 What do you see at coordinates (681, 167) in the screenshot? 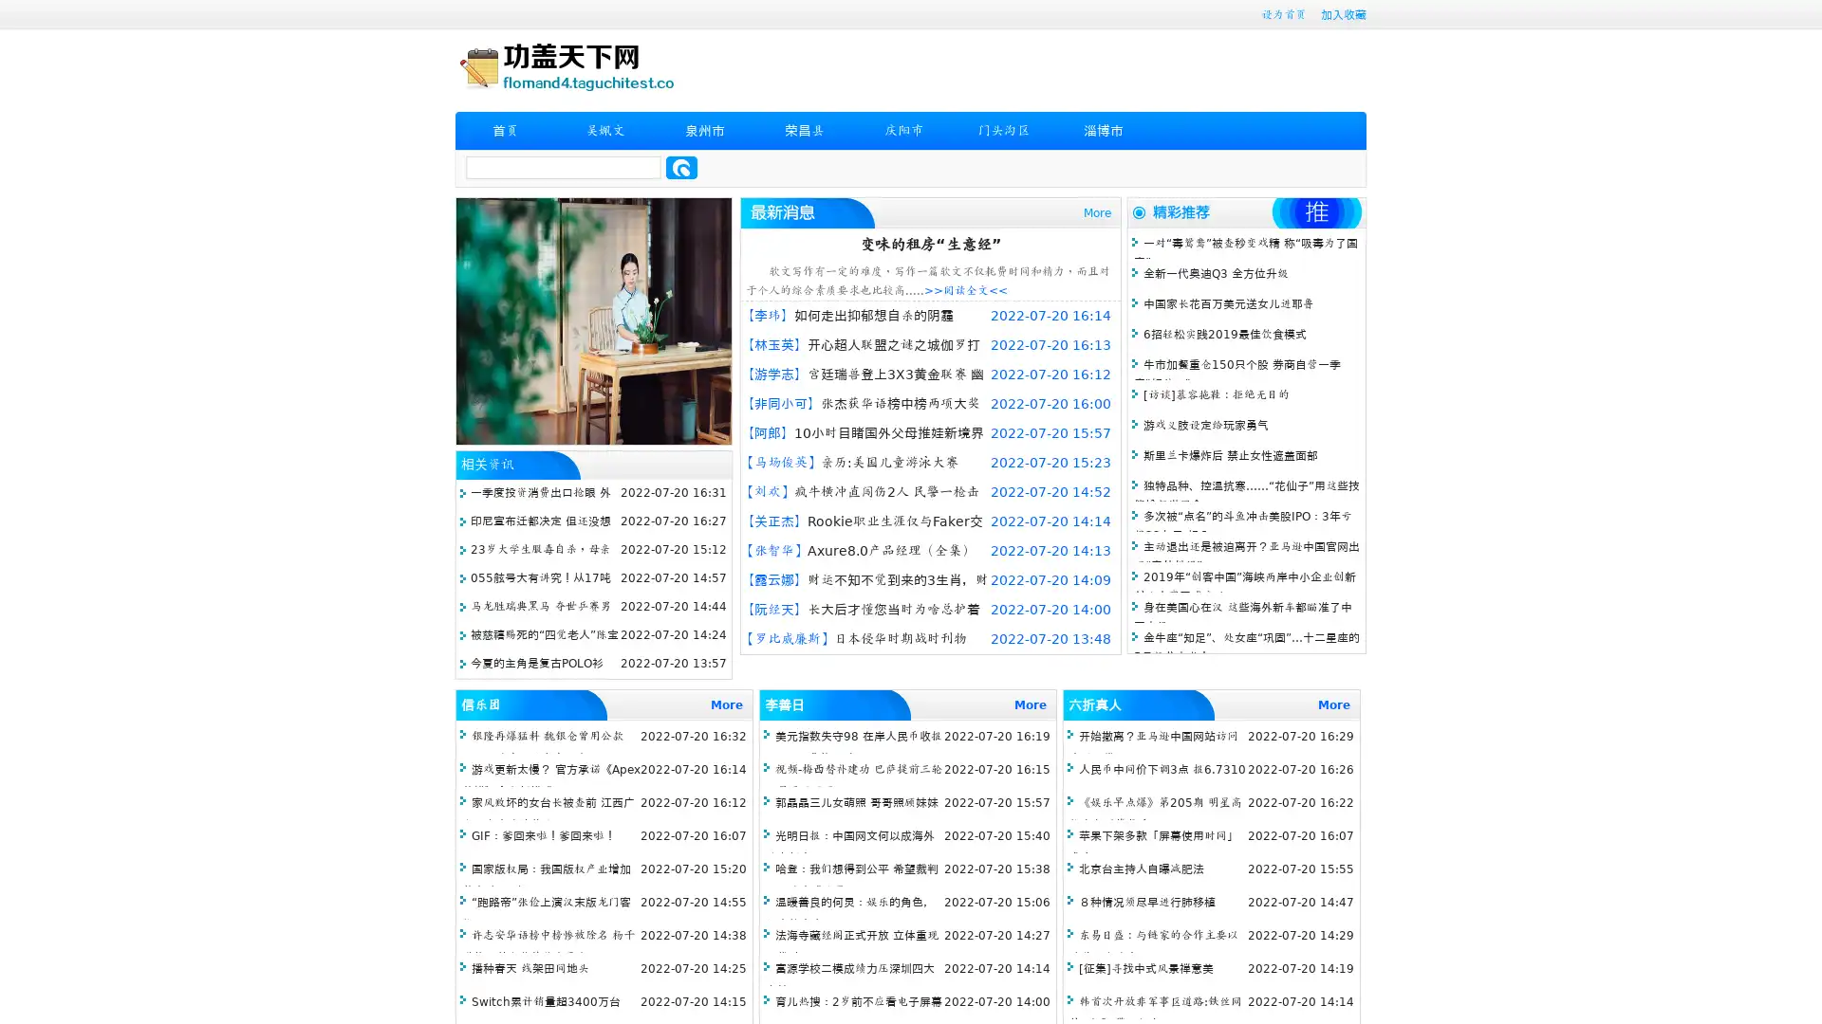
I see `Search` at bounding box center [681, 167].